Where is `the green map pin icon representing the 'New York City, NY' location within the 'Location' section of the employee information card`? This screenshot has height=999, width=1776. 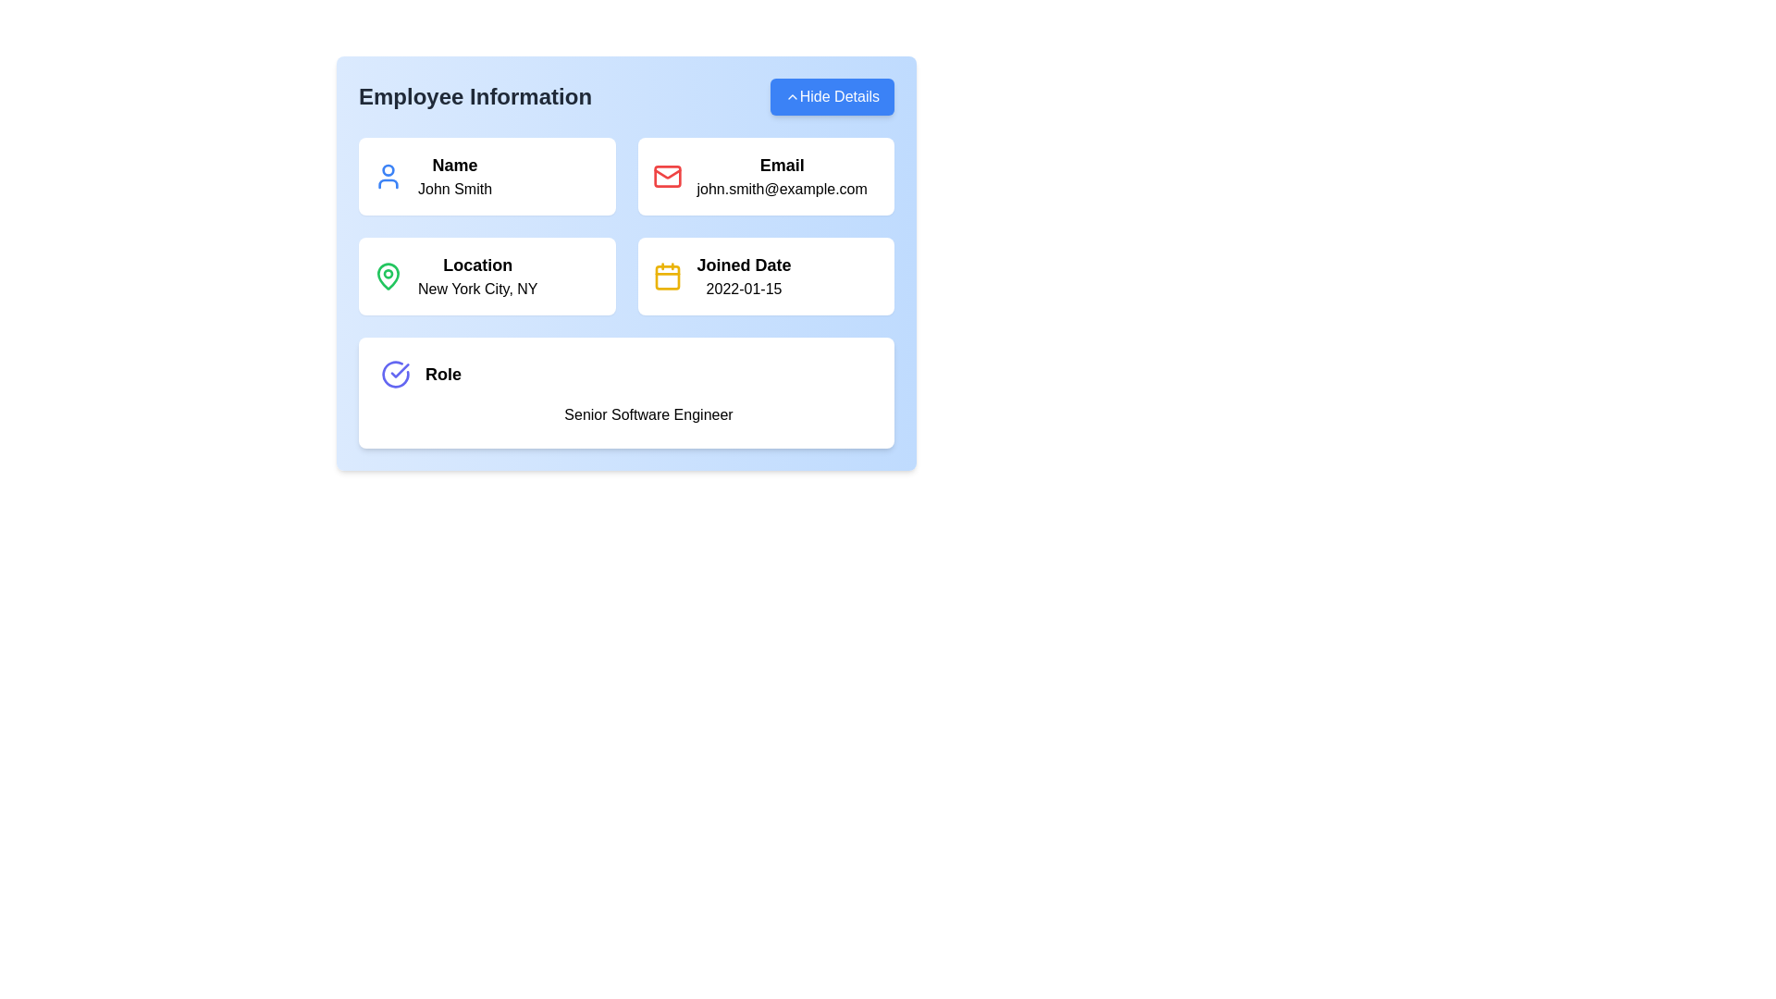 the green map pin icon representing the 'New York City, NY' location within the 'Location' section of the employee information card is located at coordinates (388, 277).